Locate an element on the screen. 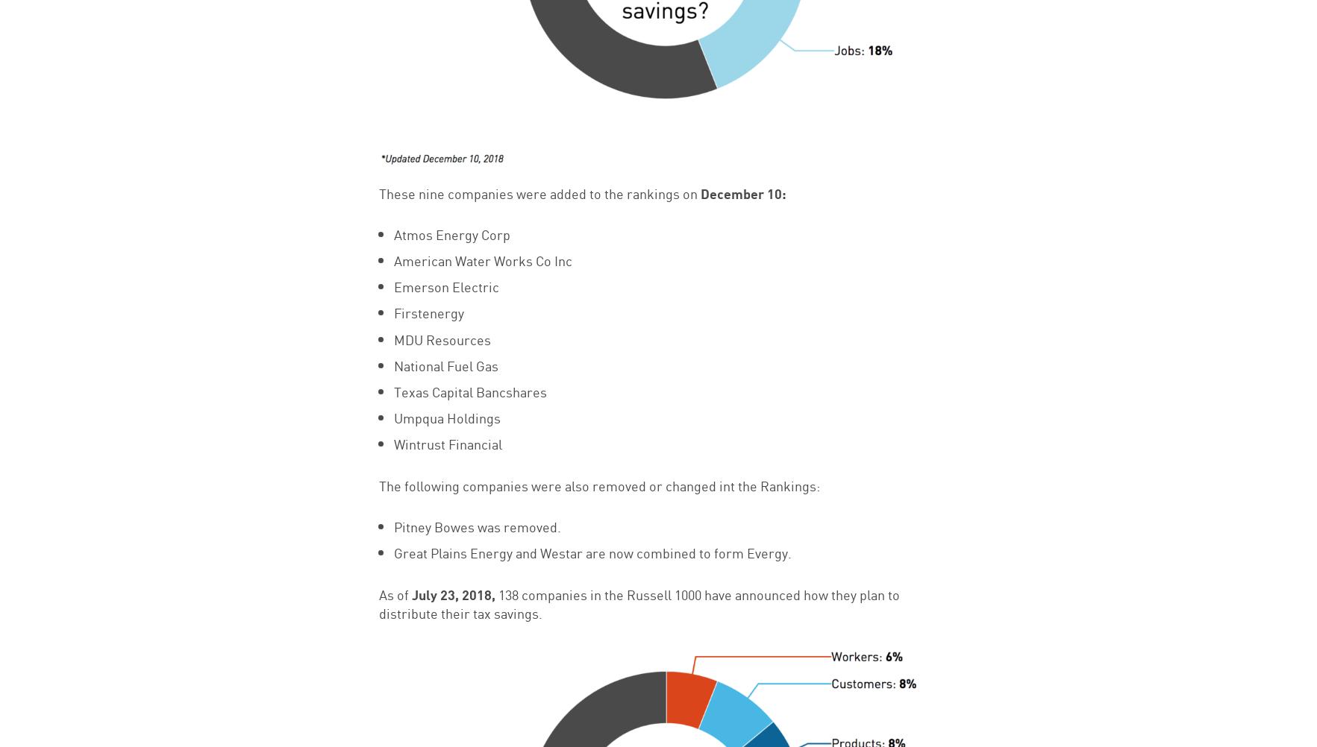 The height and width of the screenshot is (747, 1317). 'National Fuel Gas' is located at coordinates (444, 363).